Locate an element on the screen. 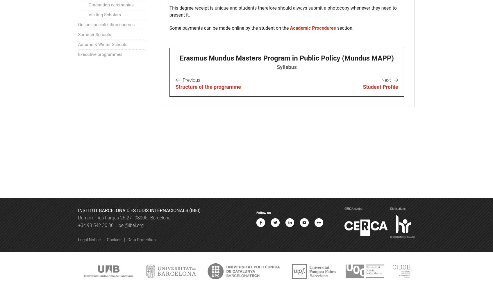 This screenshot has width=493, height=291. 'Structure of the programme' is located at coordinates (208, 87).